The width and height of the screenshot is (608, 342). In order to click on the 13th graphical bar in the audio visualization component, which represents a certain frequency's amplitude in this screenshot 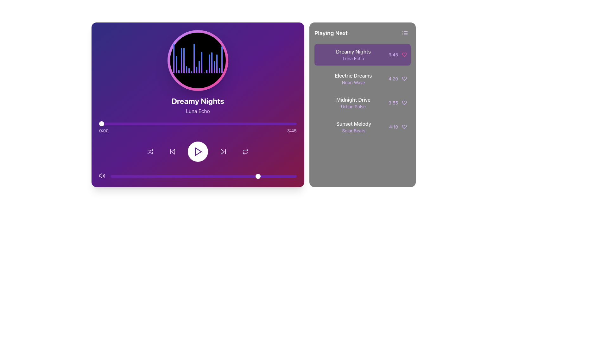, I will do `click(201, 62)`.